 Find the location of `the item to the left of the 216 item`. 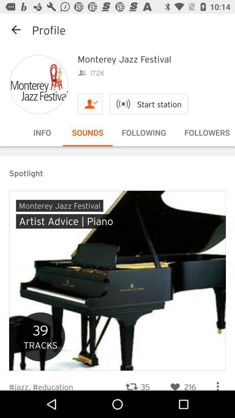

the item to the left of the 216 item is located at coordinates (137, 381).